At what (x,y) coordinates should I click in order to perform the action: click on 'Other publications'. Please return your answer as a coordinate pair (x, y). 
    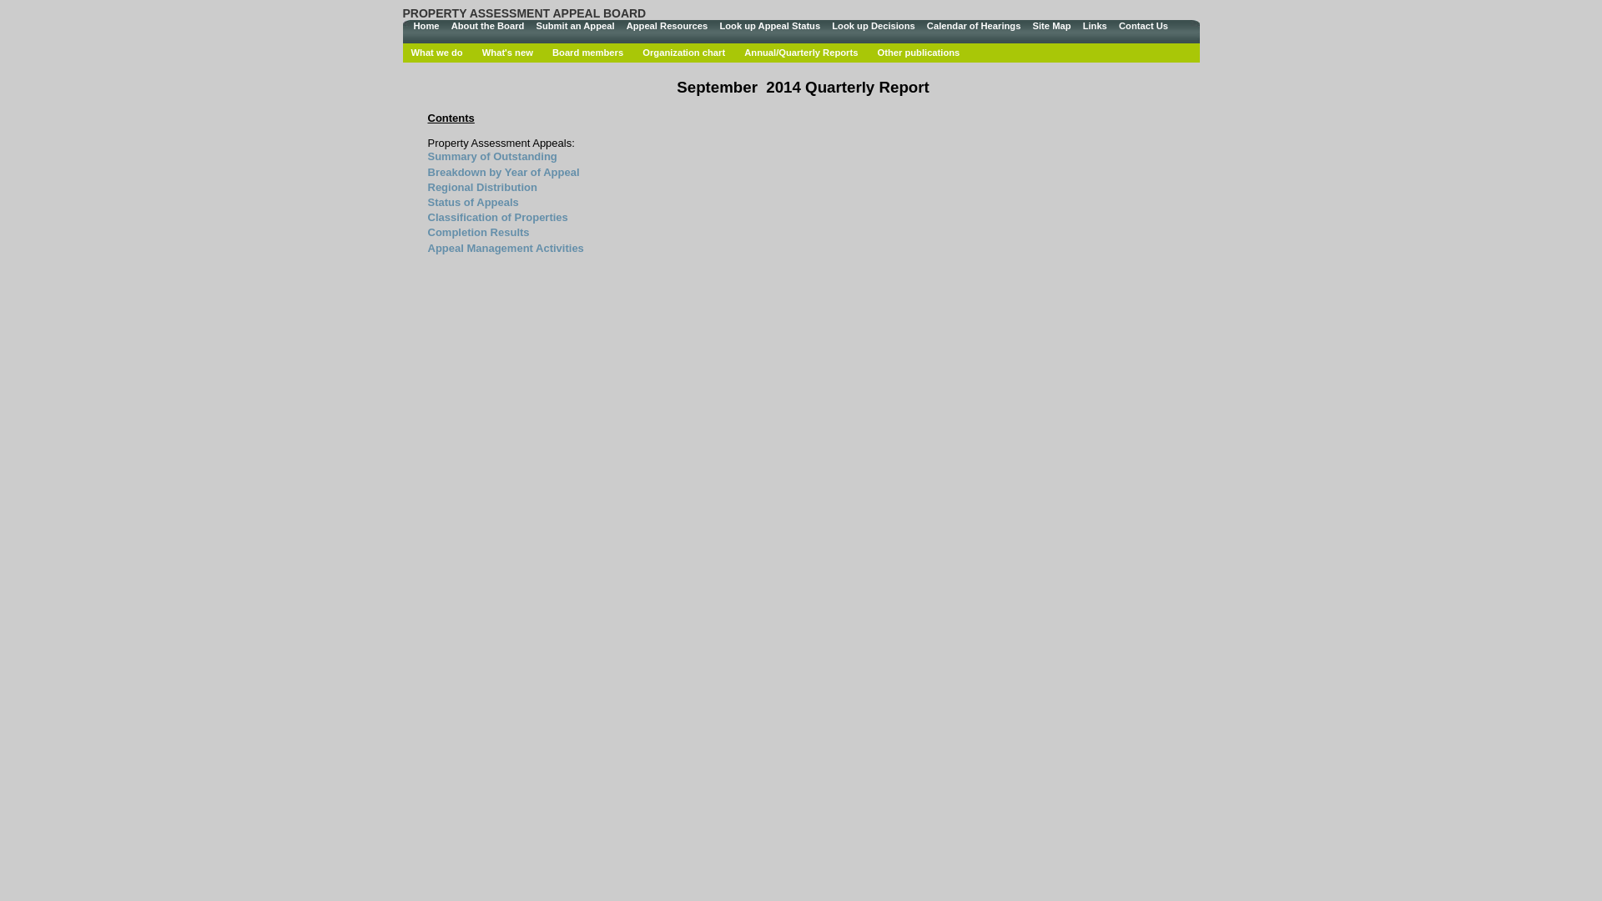
    Looking at the image, I should click on (917, 51).